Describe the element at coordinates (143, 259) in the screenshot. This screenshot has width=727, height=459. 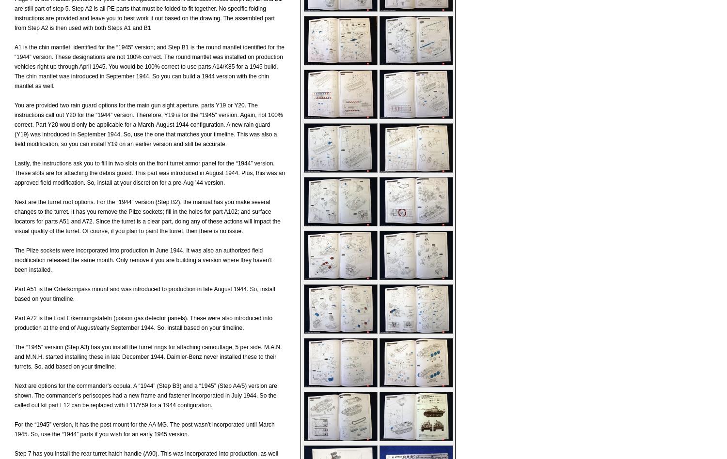
I see `'The Pilze sockets were incorporated into production in June 1944. It was also an authorized field modification released the same month. Only remove if you are building a version where they haven’t been installed.'` at that location.